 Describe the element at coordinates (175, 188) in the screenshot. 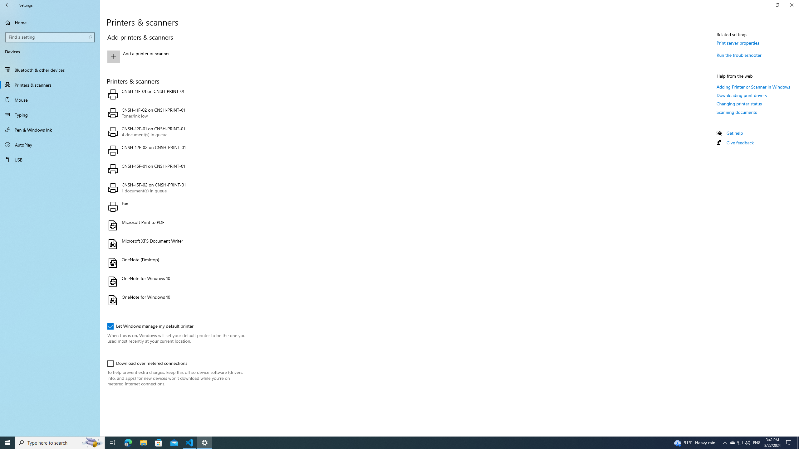

I see `'CNSH-15F-02 on CNSH-PRINT-01 1 document(s) in queue'` at that location.